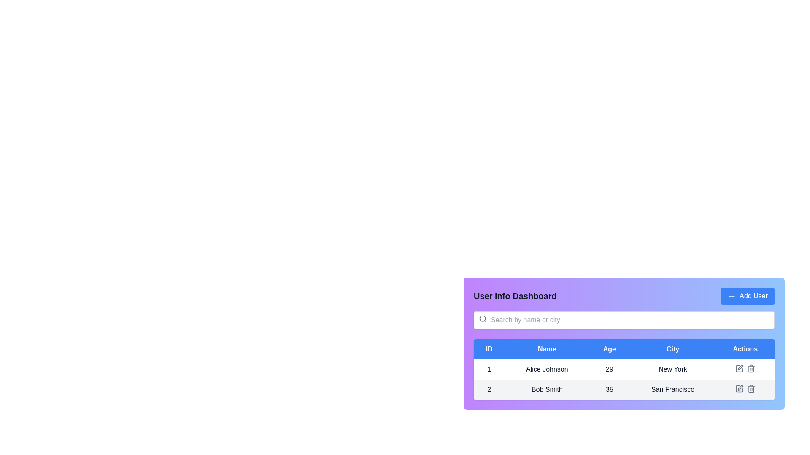 Image resolution: width=810 pixels, height=455 pixels. I want to click on the editable pencil icon button located in the 'Actions' column of the second row for 'Bob Smith' to initiate editing the row contents, so click(739, 388).